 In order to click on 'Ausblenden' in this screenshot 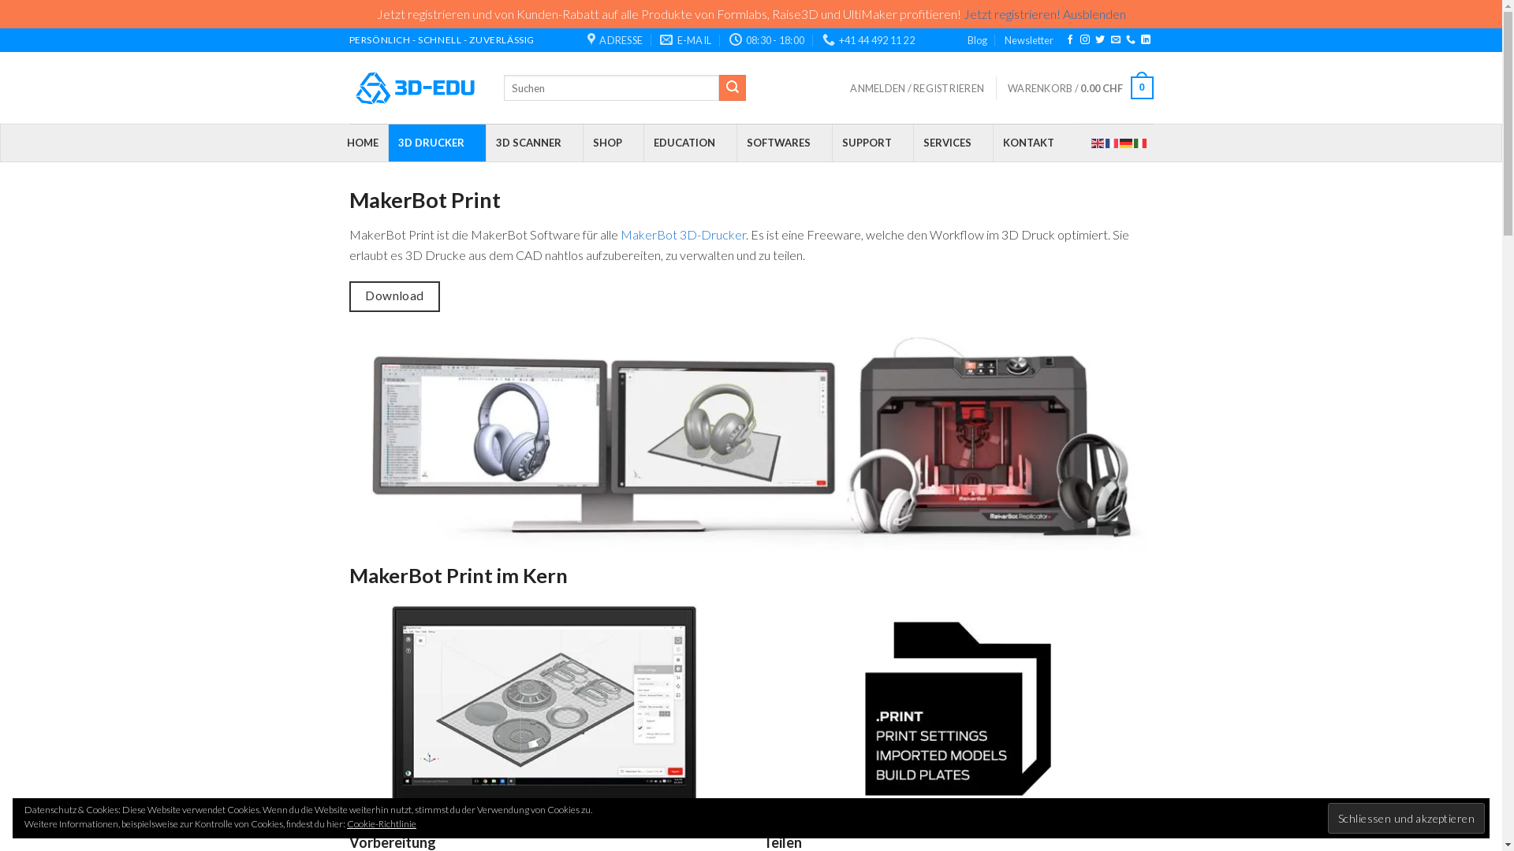, I will do `click(1093, 13)`.